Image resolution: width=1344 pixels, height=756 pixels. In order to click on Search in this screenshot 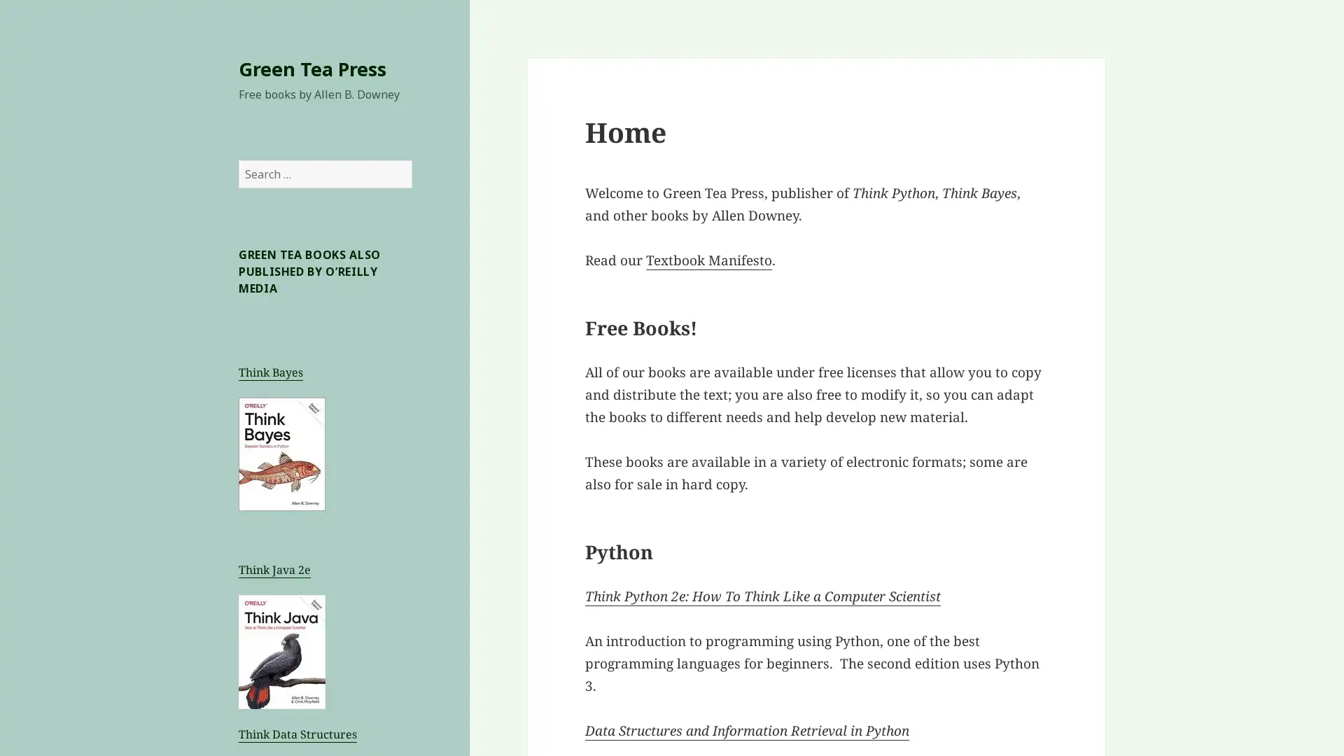, I will do `click(411, 160)`.